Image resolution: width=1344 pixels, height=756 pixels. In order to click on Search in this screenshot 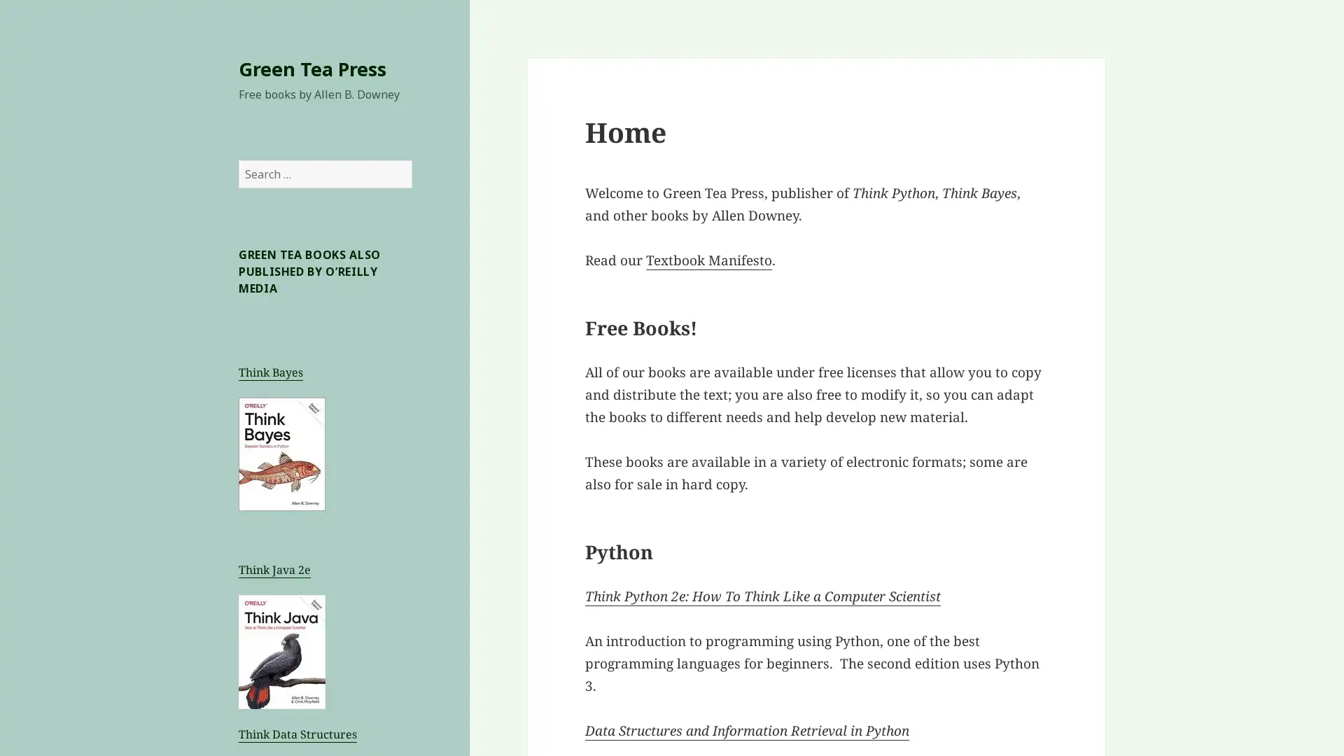, I will do `click(411, 160)`.